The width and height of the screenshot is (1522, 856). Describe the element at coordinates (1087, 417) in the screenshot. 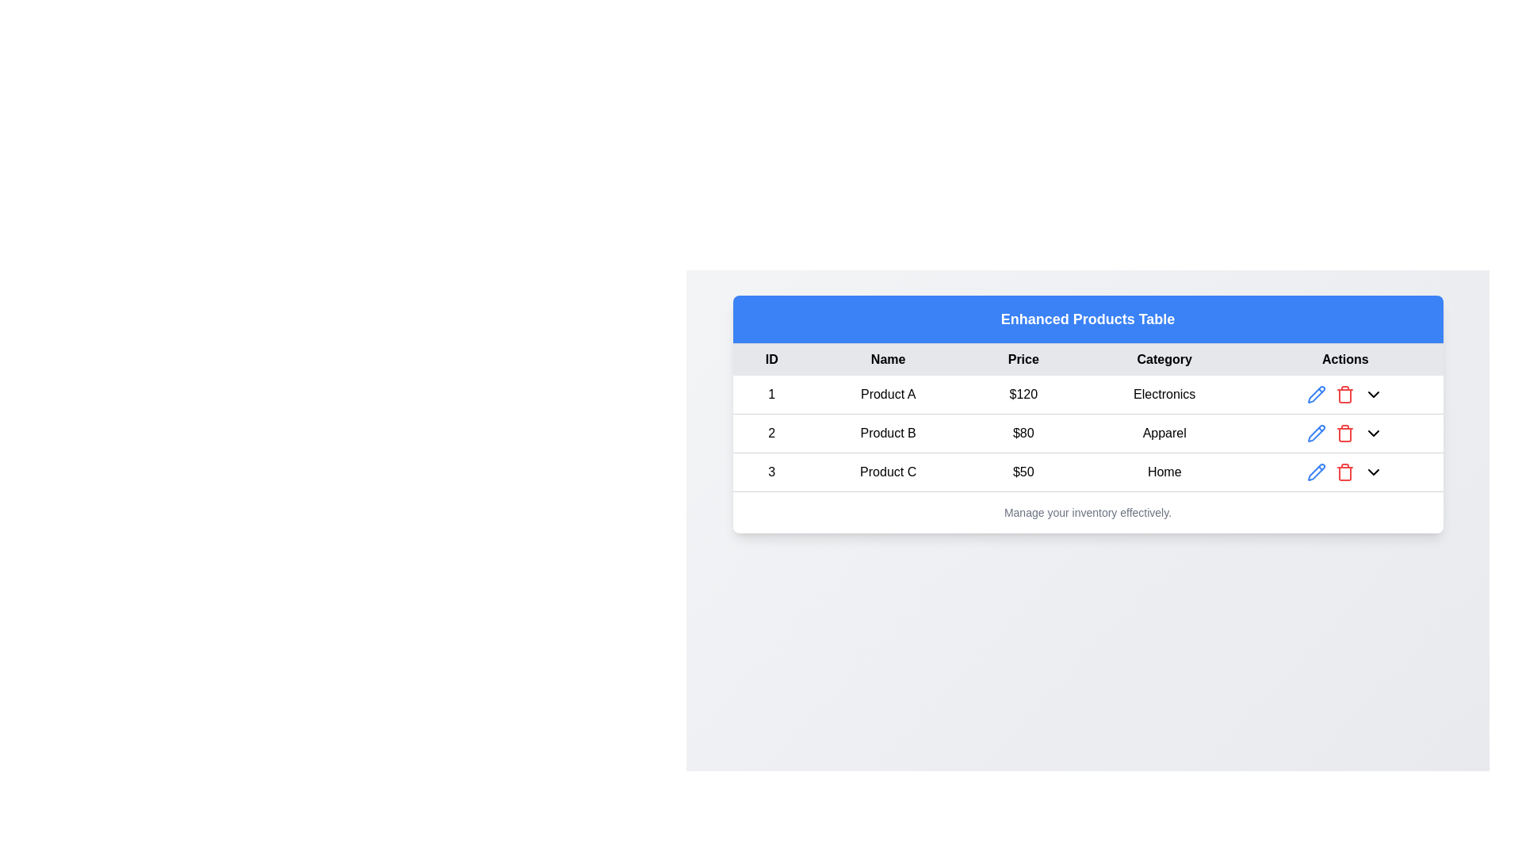

I see `details displayed in the second row of the 'Enhanced Products Table', which includes ID, Name, Price, Category, and Actions` at that location.